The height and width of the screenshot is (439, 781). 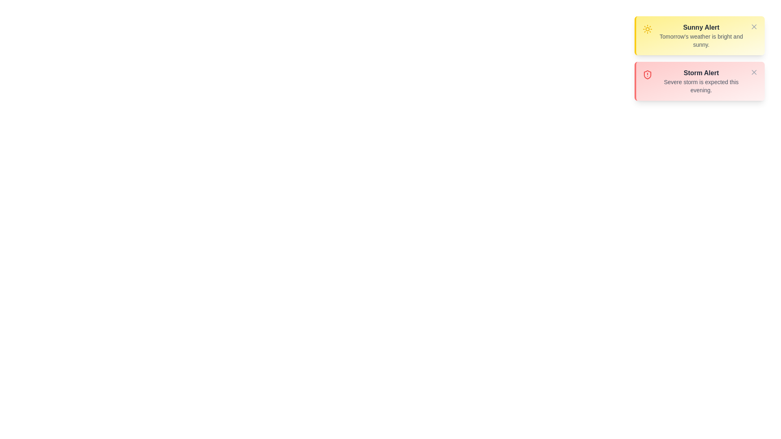 What do you see at coordinates (753, 26) in the screenshot?
I see `the close button of the alert with the title Sunny Alert` at bounding box center [753, 26].